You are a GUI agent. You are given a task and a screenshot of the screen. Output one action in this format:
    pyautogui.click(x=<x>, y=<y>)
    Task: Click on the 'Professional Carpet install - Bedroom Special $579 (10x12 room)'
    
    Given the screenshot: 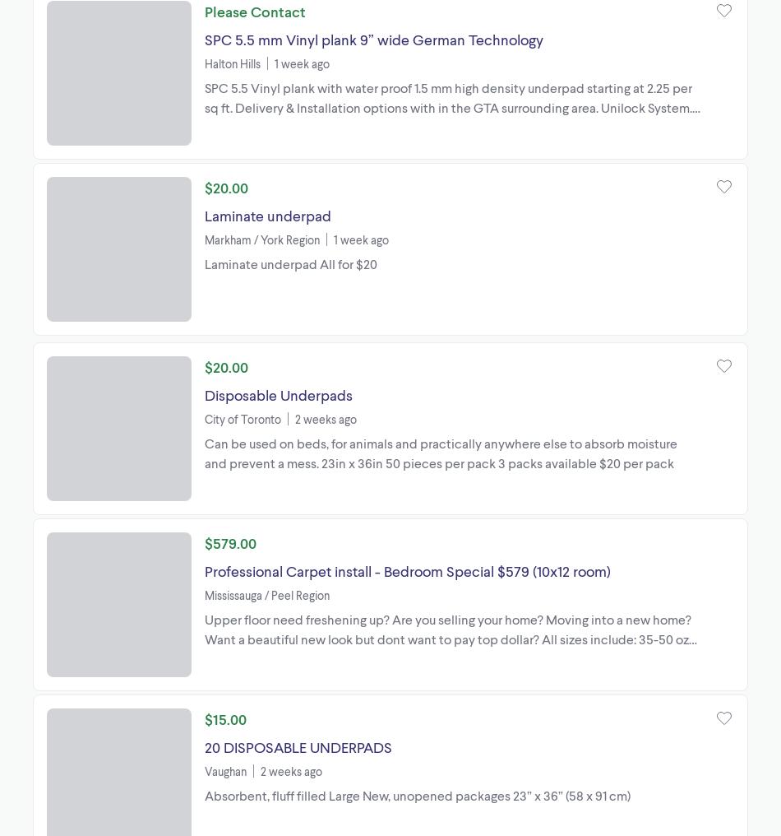 What is the action you would take?
    pyautogui.click(x=407, y=569)
    